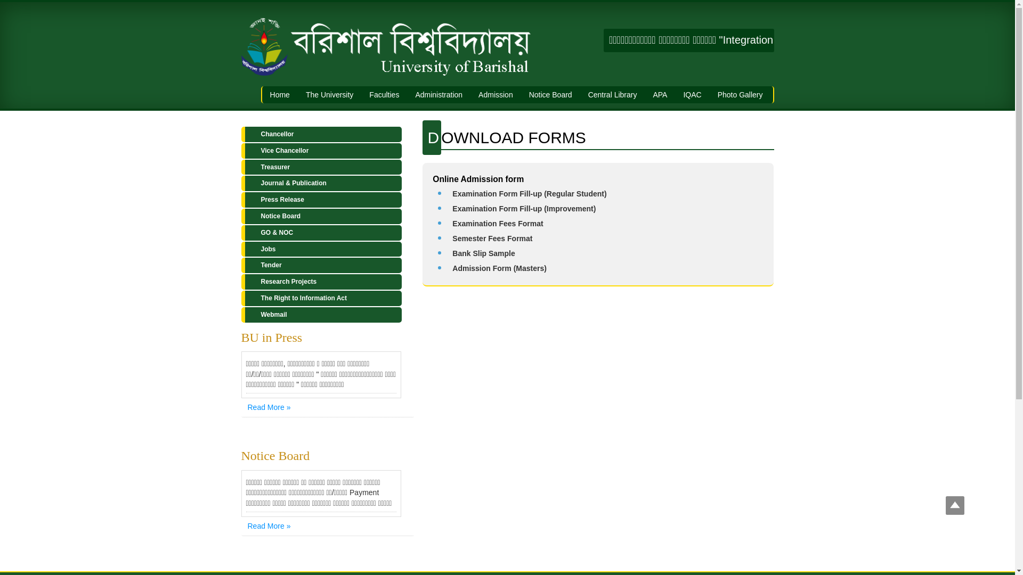  Describe the element at coordinates (320, 167) in the screenshot. I see `'Treasurer'` at that location.